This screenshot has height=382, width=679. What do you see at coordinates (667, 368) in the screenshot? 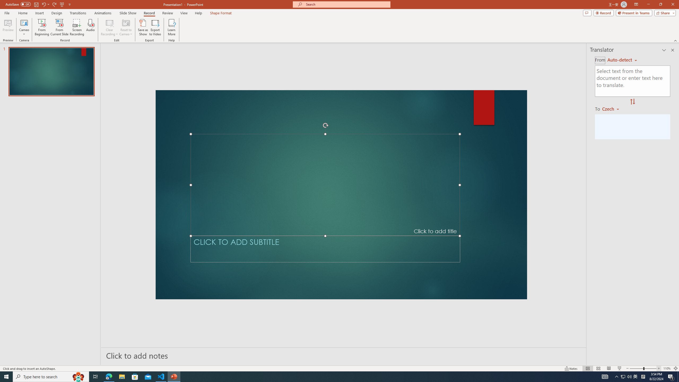
I see `'Zoom 110%'` at bounding box center [667, 368].